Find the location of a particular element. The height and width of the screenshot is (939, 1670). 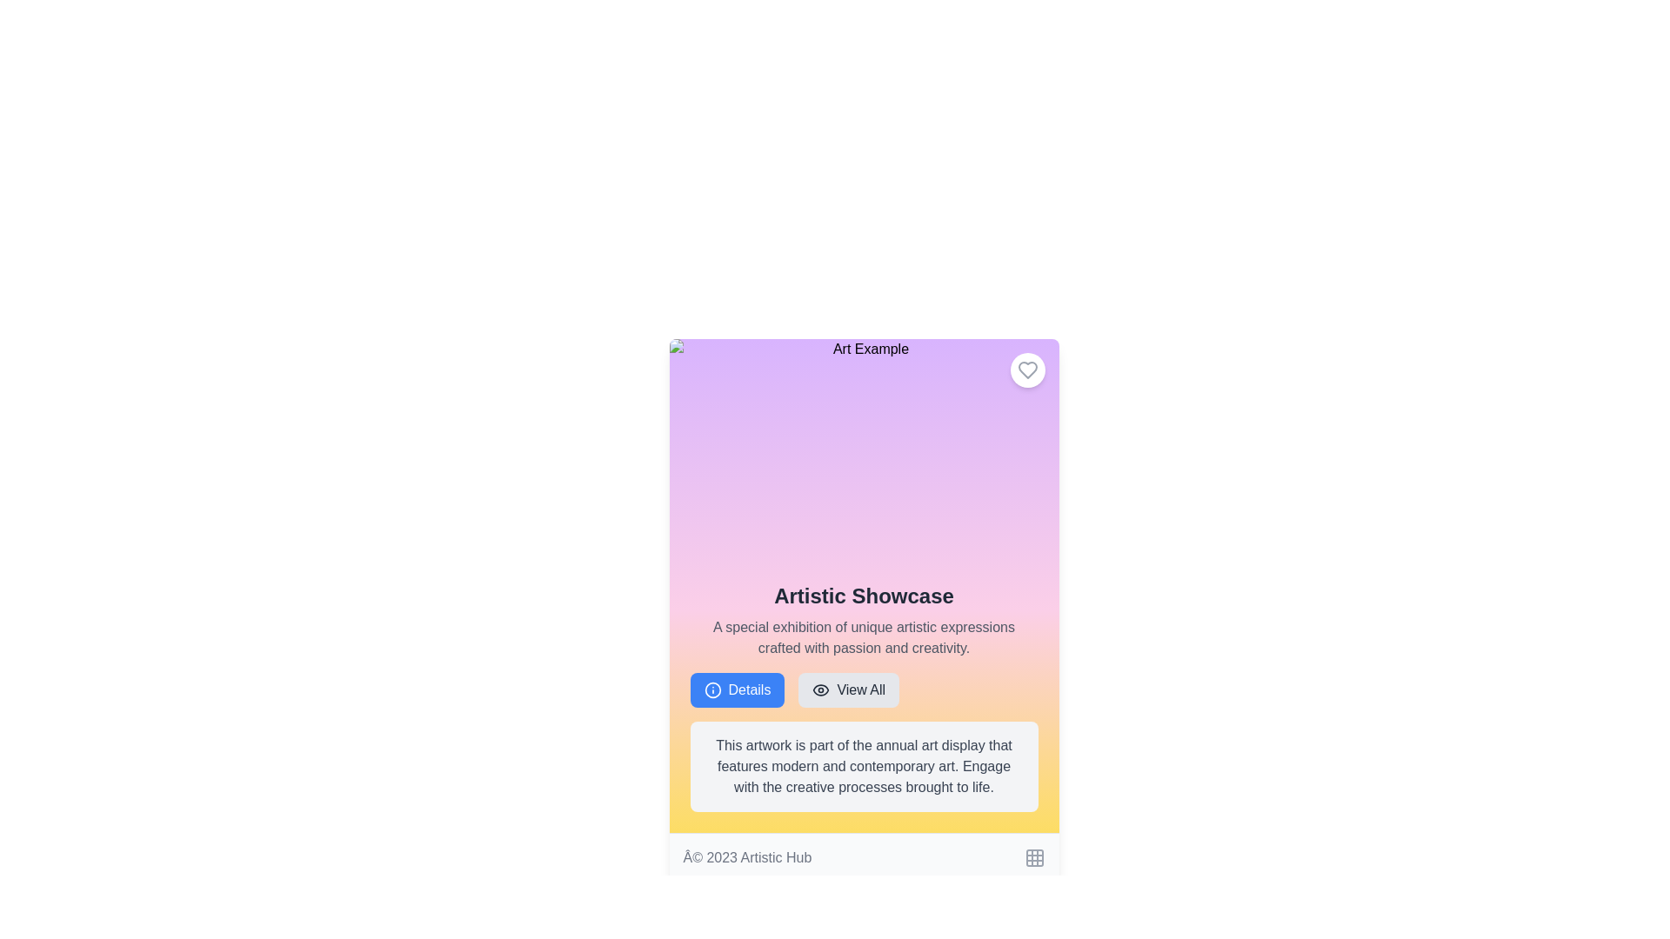

the descriptive Text Block that provides information about the art display, located below the 'Details' and 'View All' buttons in the lower part of the gradient panel is located at coordinates (864, 766).